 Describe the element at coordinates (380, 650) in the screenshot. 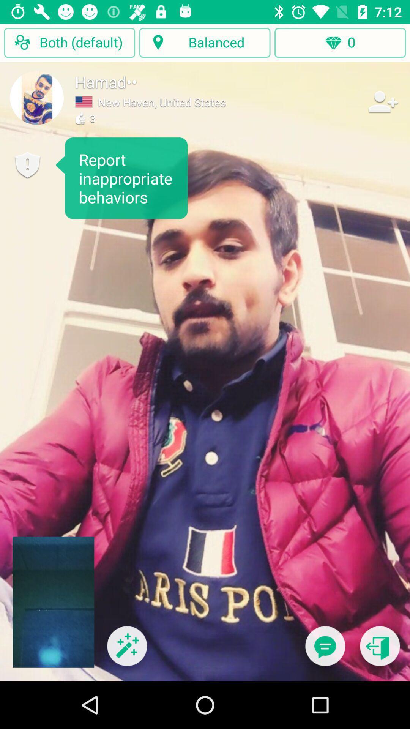

I see `exit call` at that location.